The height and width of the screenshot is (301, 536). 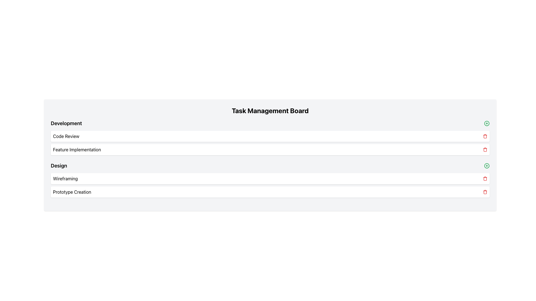 What do you see at coordinates (485, 192) in the screenshot?
I see `the red trash icon button located at the far right of the 'Prototype Creation' row` at bounding box center [485, 192].